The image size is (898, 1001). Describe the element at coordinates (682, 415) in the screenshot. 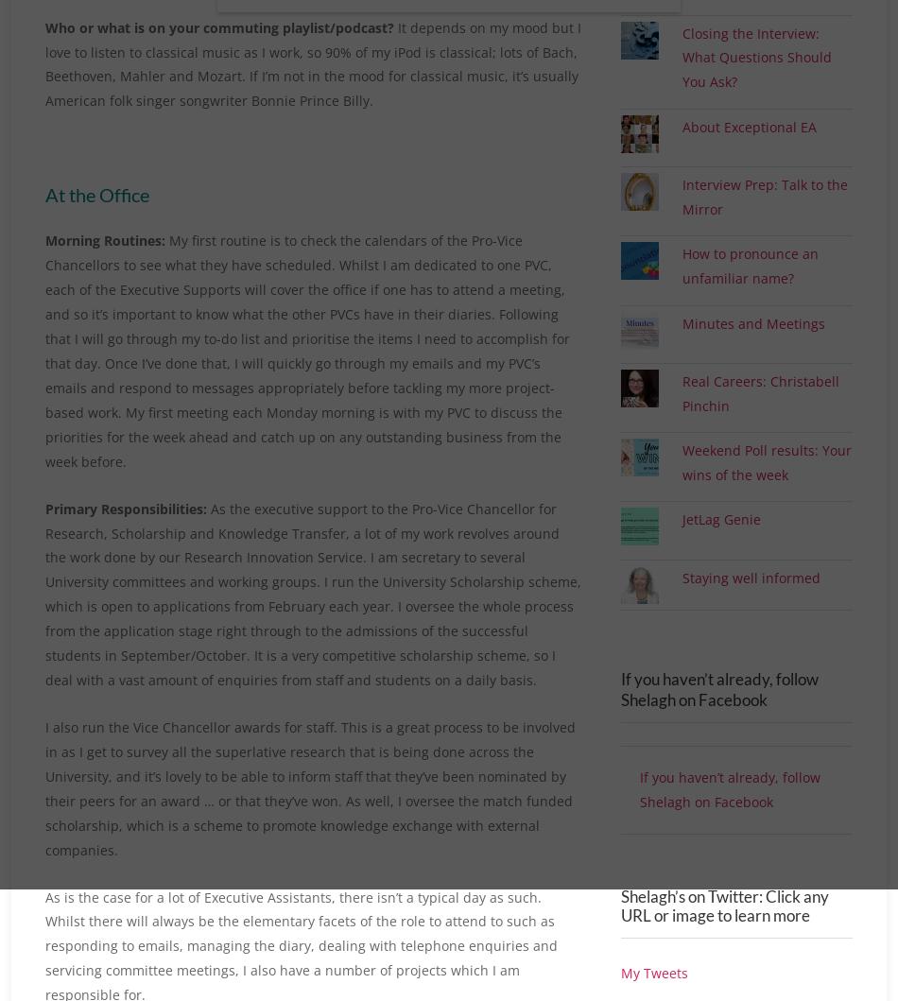

I see `'Real Careers: Christabell Pinchin'` at that location.